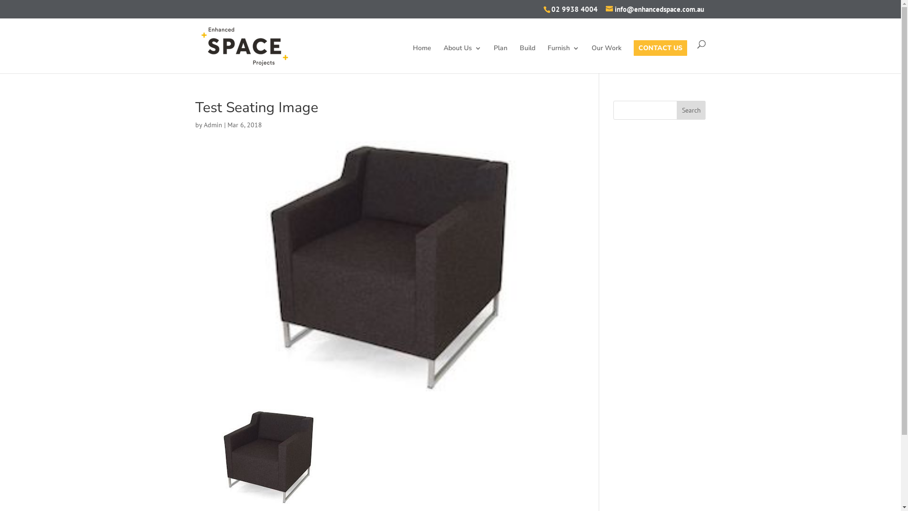  I want to click on 'info@enhancedspace.com.au', so click(654, 9).